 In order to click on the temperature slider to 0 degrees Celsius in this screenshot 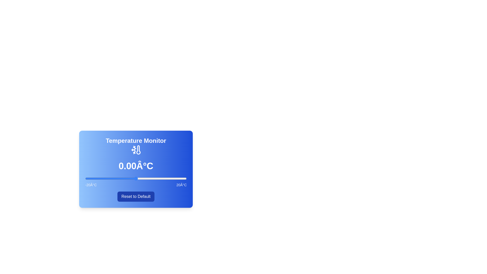, I will do `click(136, 178)`.